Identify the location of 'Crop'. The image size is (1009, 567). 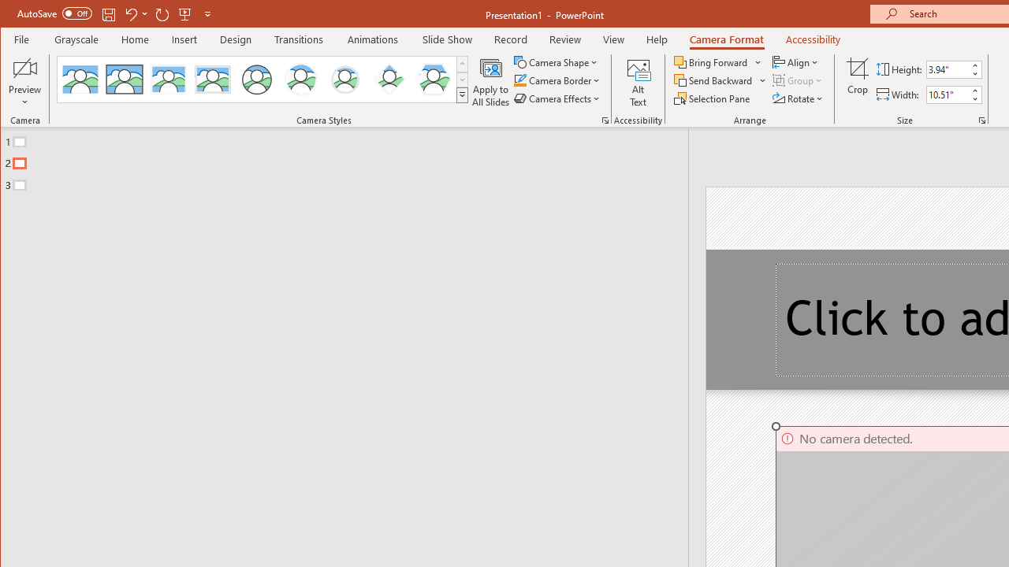
(857, 82).